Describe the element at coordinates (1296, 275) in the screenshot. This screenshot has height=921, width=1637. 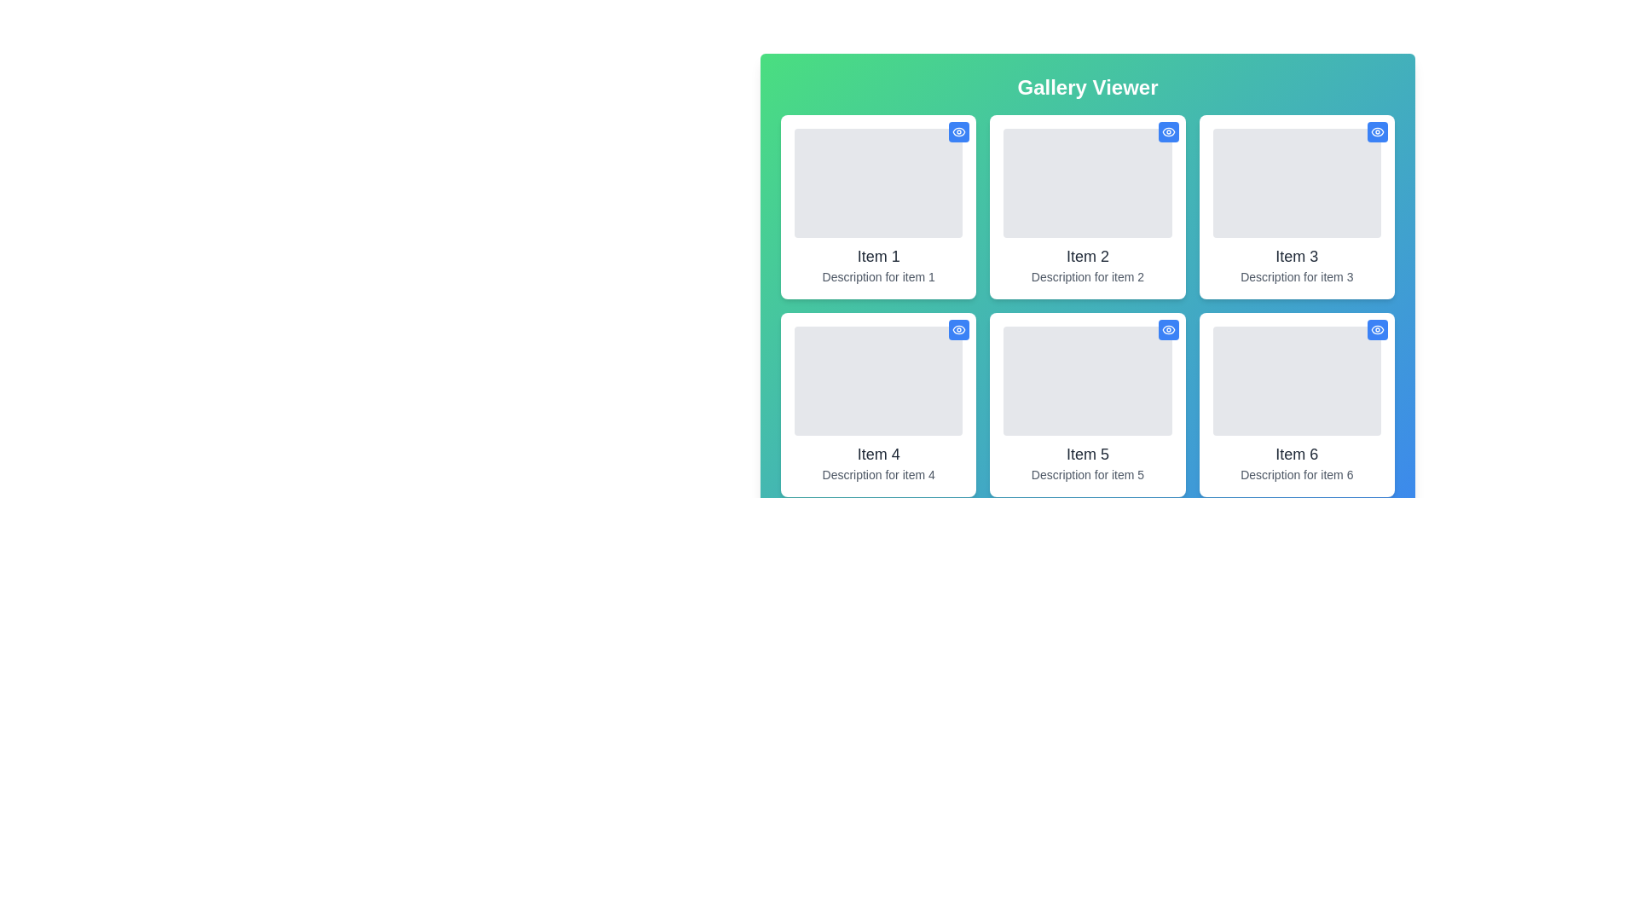
I see `the text label displaying 'Description for item 3', which is styled in gray and located beneath 'Item 3' within the third card of the grid layout` at that location.